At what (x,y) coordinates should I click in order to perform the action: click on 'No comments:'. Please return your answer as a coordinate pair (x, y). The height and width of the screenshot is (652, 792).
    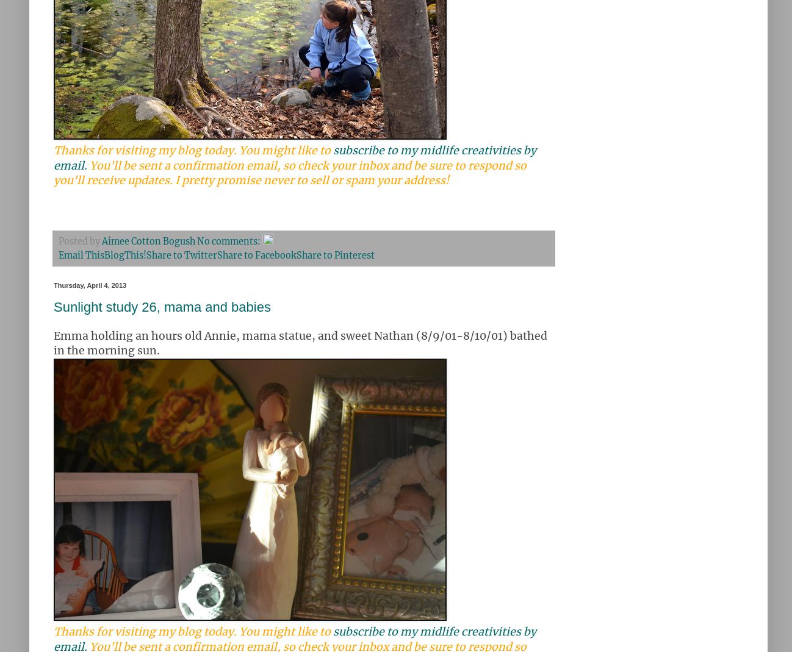
    Looking at the image, I should click on (229, 241).